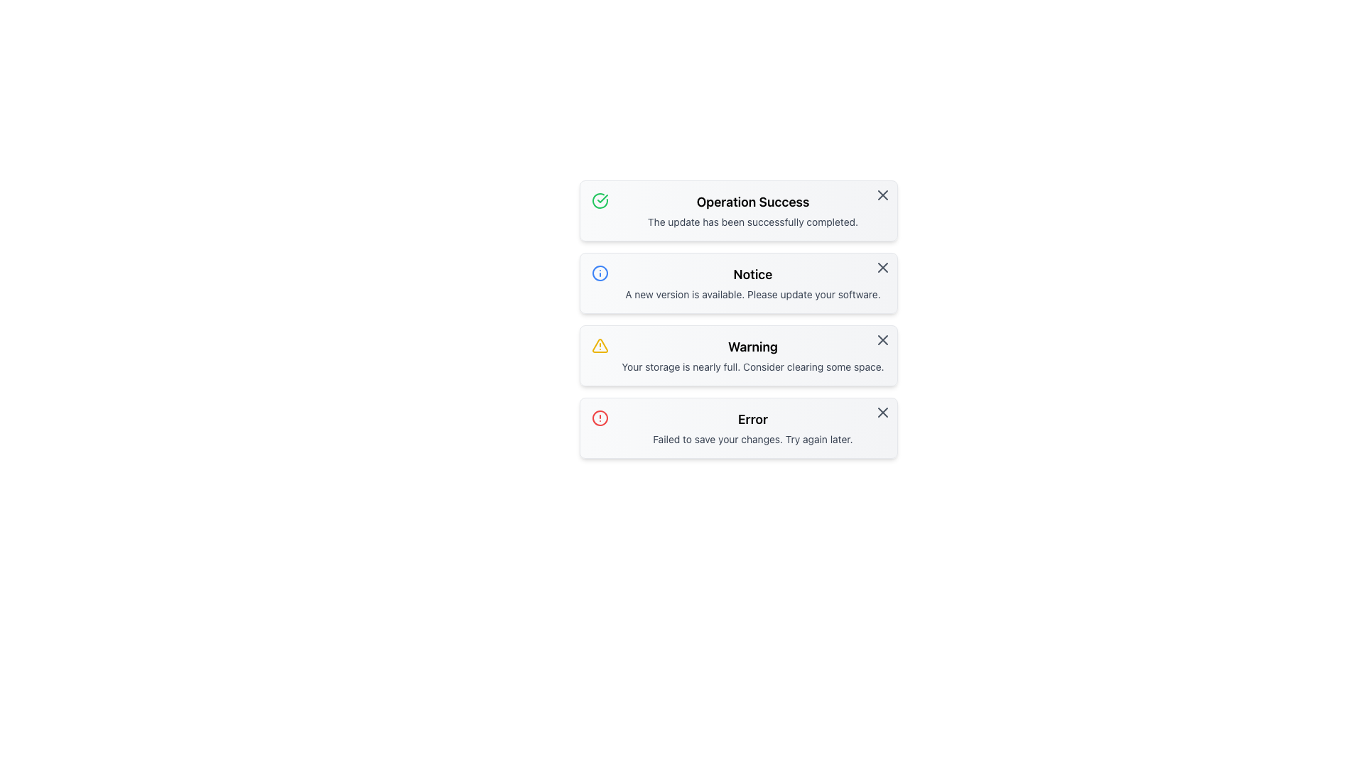 The height and width of the screenshot is (767, 1364). Describe the element at coordinates (752, 283) in the screenshot. I see `the informational text block notifying the user about the availability of a software update, which is centrally aligned in the notification list below the 'Operation Success' message` at that location.